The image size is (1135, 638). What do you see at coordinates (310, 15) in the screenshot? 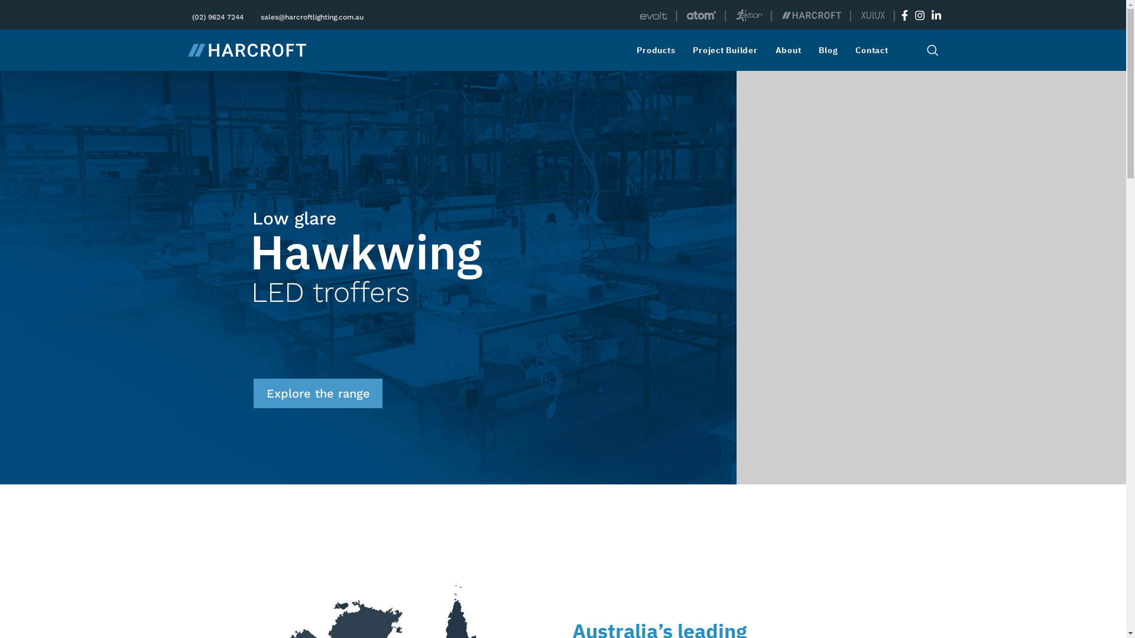
I see `'sales@harcroftlighting.com.au'` at bounding box center [310, 15].